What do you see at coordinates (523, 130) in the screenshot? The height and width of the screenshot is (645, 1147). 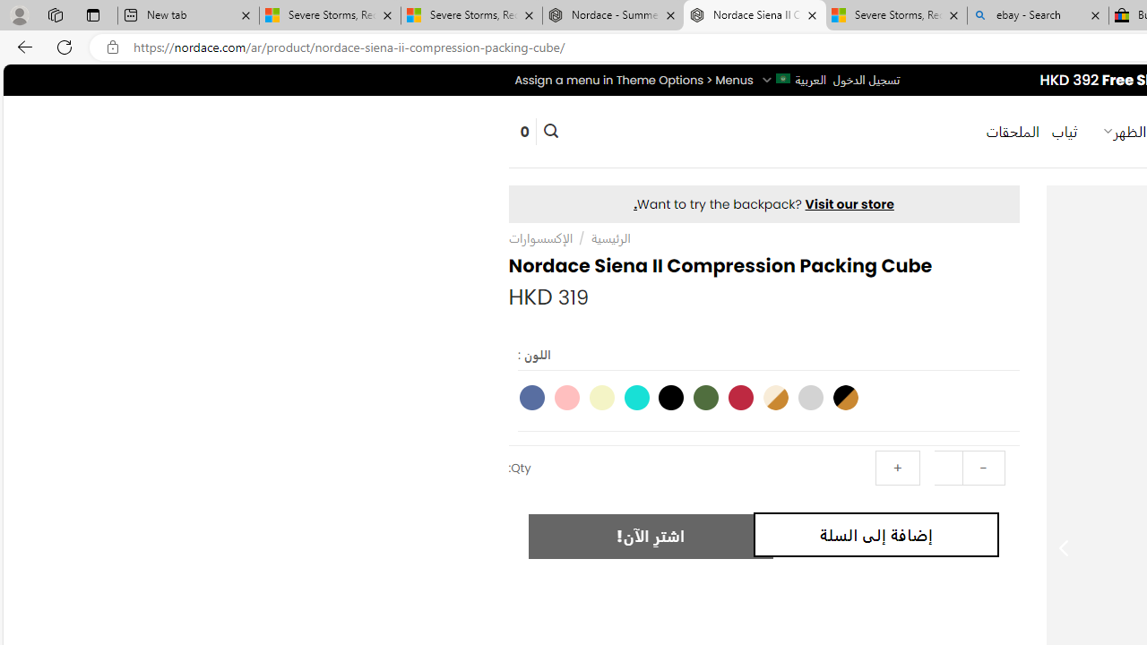 I see `'  0'` at bounding box center [523, 130].